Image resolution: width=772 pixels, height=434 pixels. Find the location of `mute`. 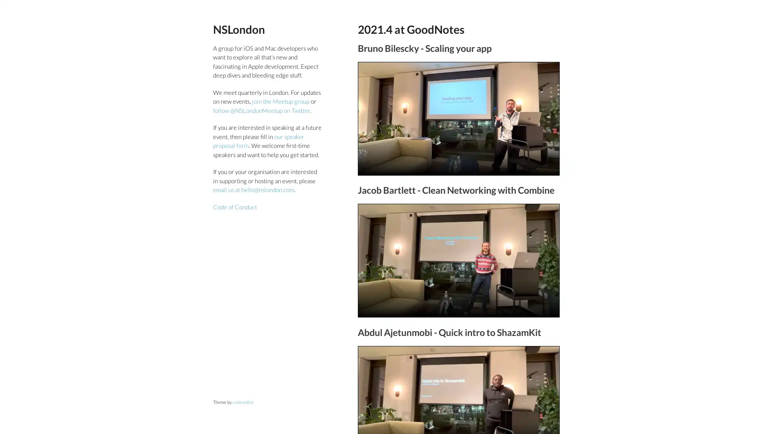

mute is located at coordinates (511, 297).